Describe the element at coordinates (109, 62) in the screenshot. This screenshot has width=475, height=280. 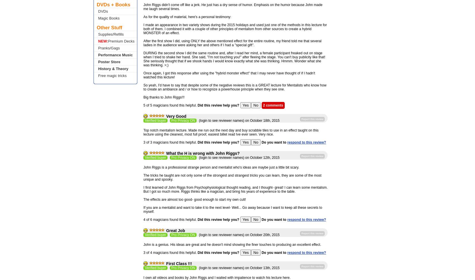
I see `'Poster Store'` at that location.